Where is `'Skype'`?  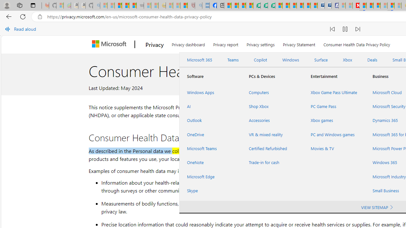 'Skype' is located at coordinates (210, 190).